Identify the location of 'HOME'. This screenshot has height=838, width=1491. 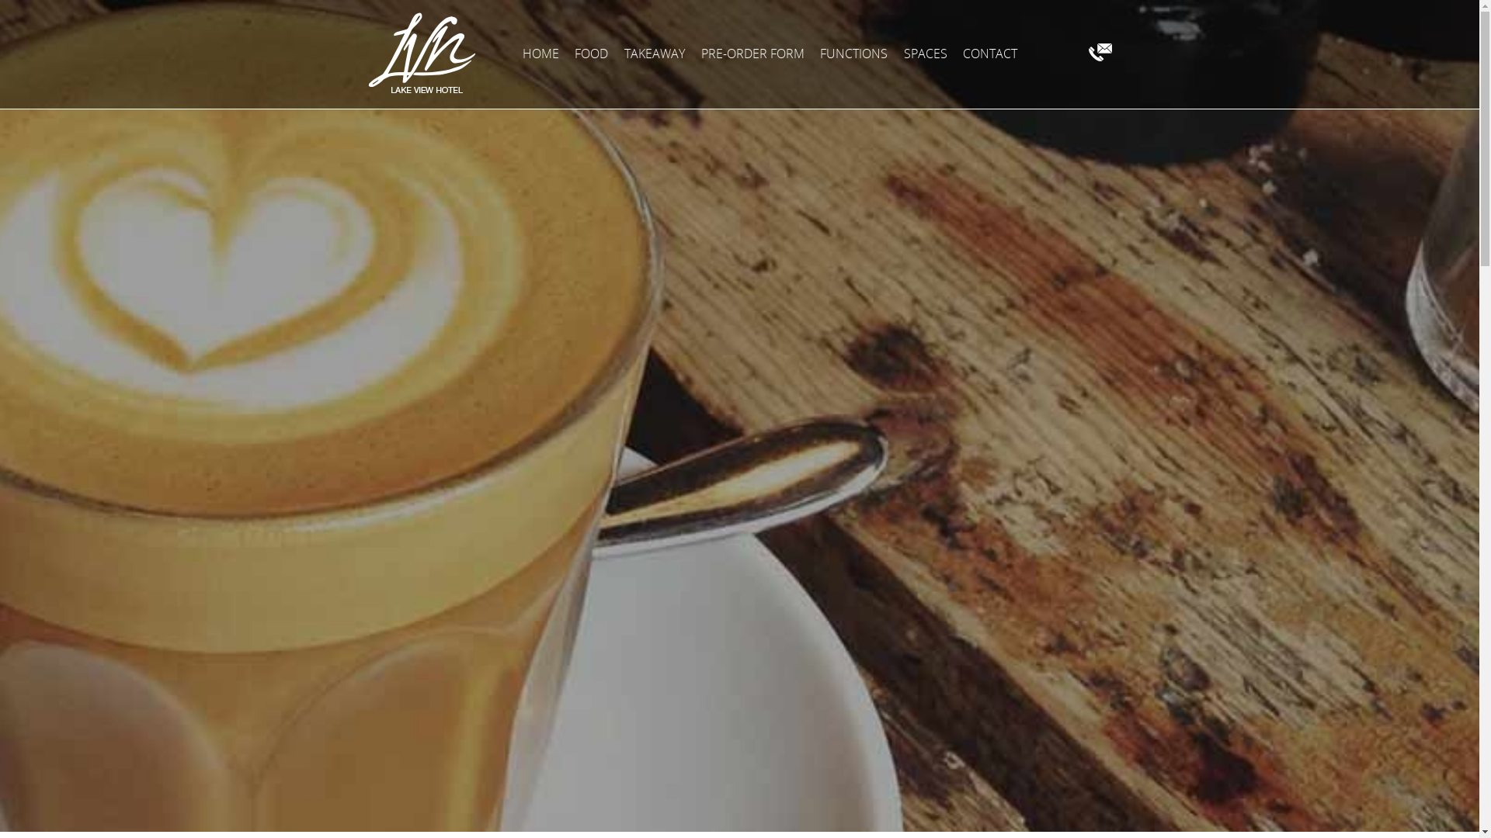
(540, 53).